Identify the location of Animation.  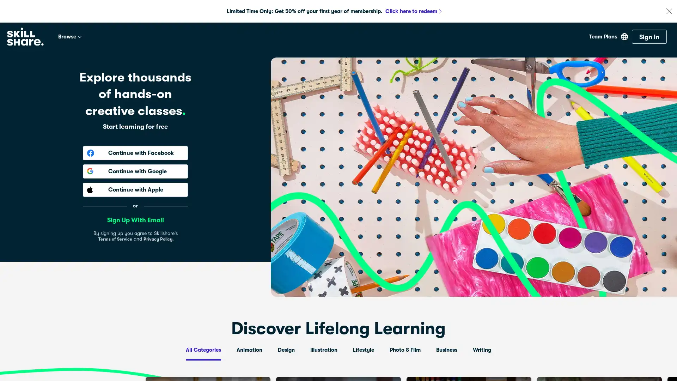
(249, 352).